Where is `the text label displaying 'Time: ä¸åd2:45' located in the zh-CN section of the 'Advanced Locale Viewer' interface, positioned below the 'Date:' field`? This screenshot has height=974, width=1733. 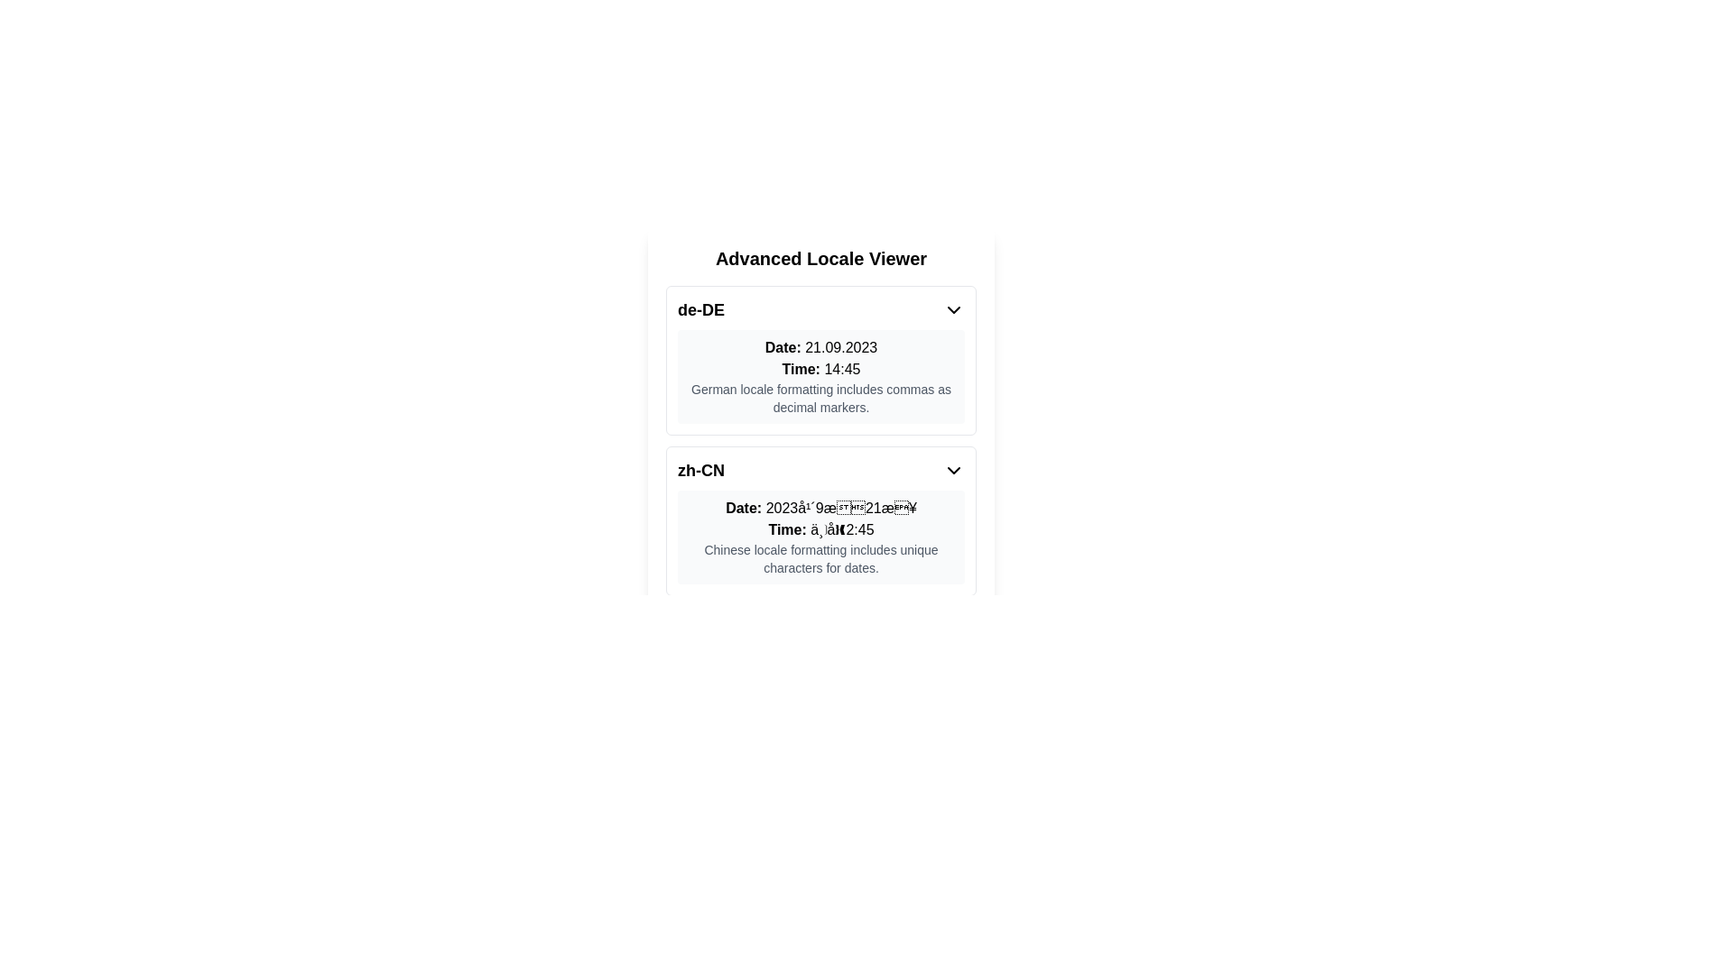 the text label displaying 'Time: ä¸åd2:45' located in the zh-CN section of the 'Advanced Locale Viewer' interface, positioned below the 'Date:' field is located at coordinates (820, 528).